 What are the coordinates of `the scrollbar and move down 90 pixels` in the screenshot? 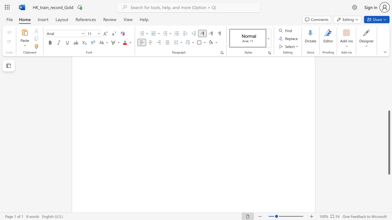 It's located at (389, 142).